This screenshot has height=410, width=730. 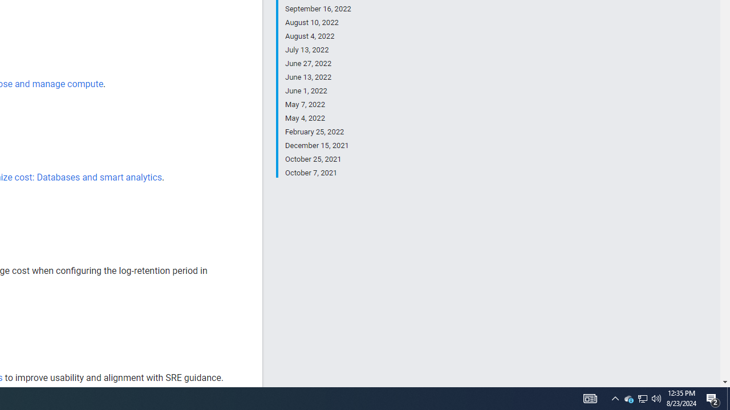 What do you see at coordinates (318, 22) in the screenshot?
I see `'August 10, 2022'` at bounding box center [318, 22].